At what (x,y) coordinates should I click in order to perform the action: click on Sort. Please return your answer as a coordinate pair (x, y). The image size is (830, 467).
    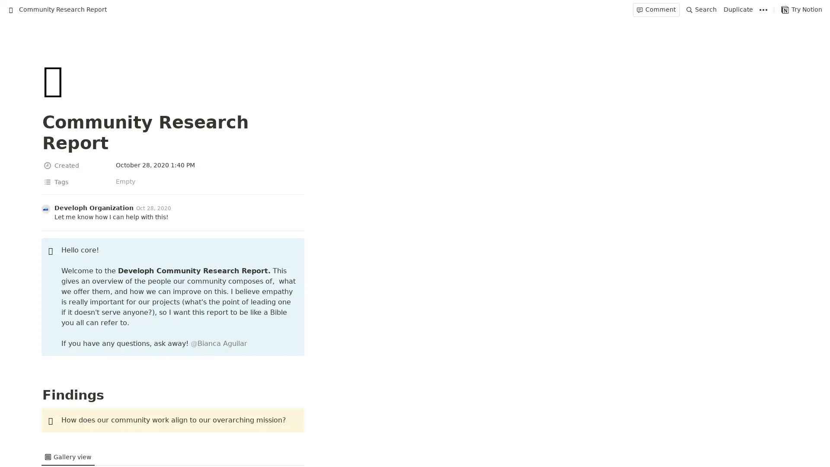
    Looking at the image, I should click on (753, 395).